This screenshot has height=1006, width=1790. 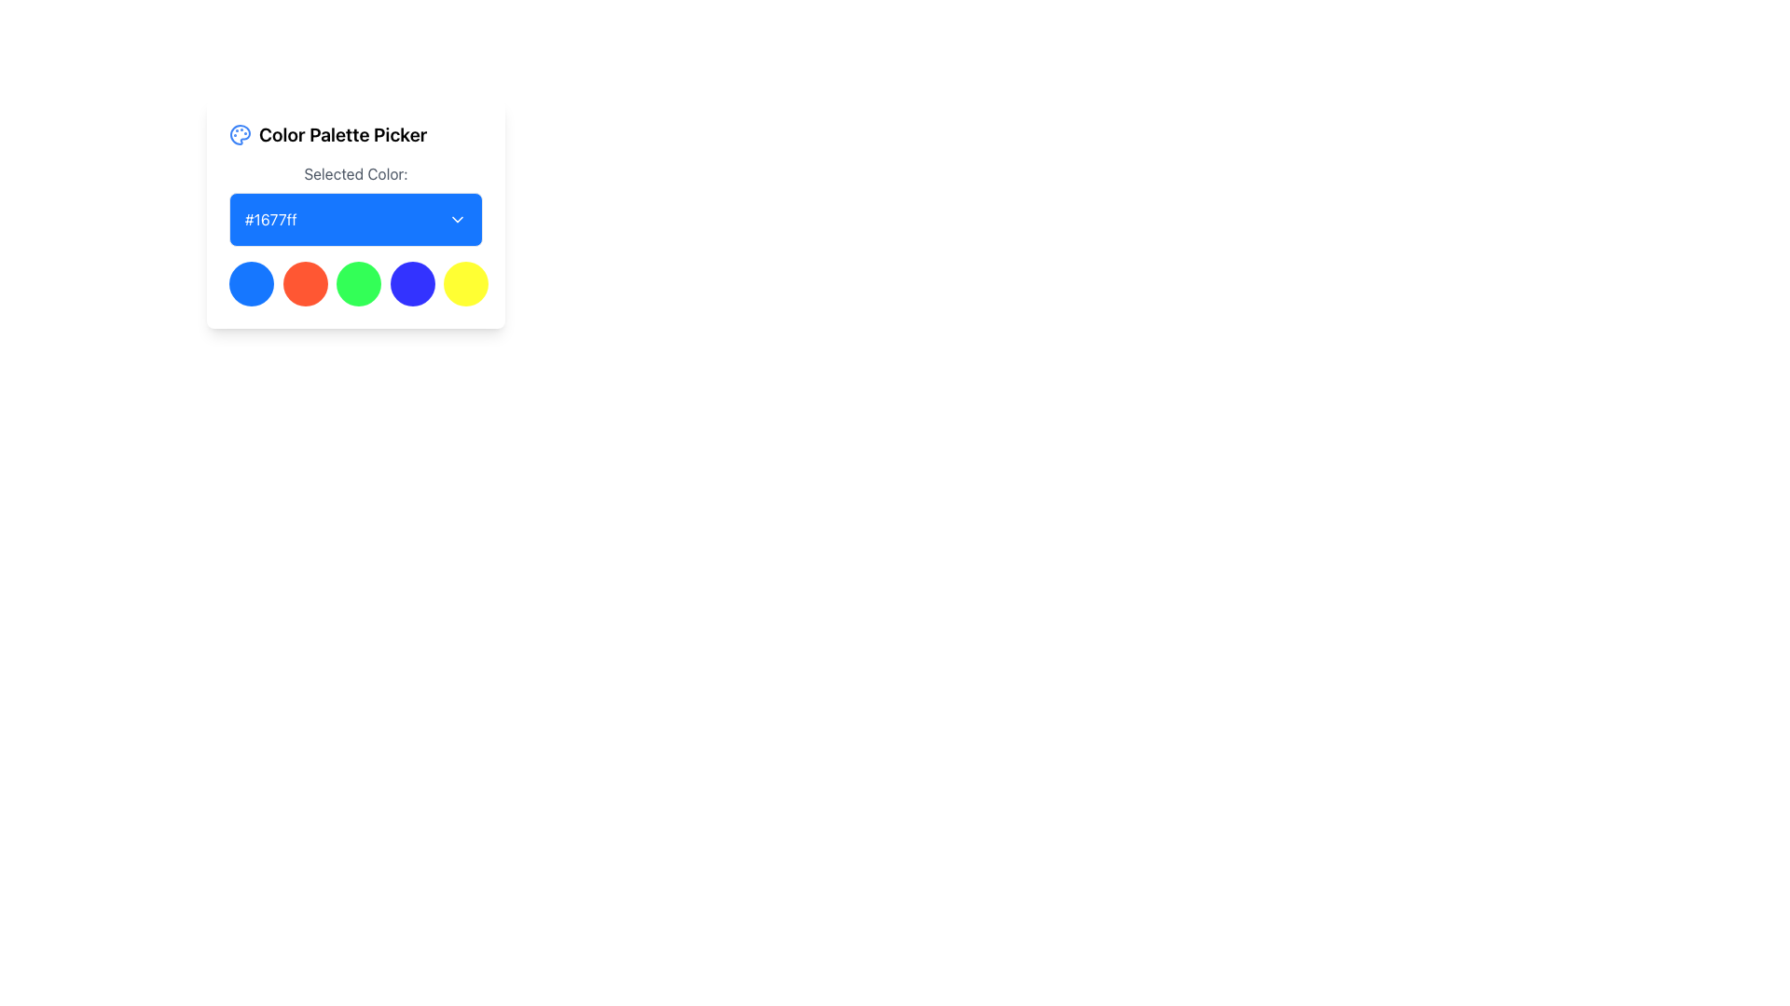 I want to click on the third circular color selector button in the color palette, which is green, so click(x=359, y=283).